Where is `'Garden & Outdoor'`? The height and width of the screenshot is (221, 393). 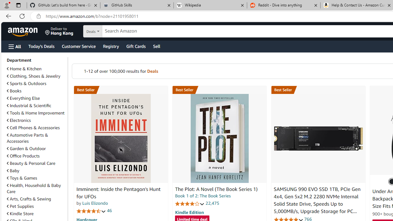
'Garden & Outdoor' is located at coordinates (36, 148).